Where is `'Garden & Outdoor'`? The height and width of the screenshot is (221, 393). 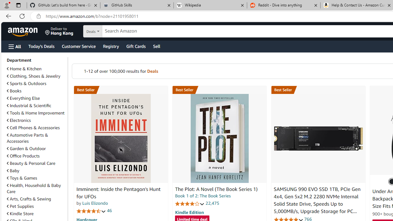
'Garden & Outdoor' is located at coordinates (36, 148).